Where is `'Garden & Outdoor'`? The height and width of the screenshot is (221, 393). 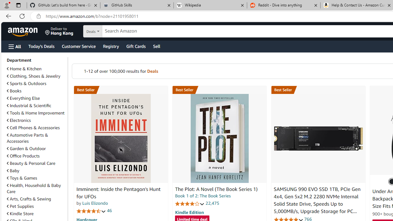
'Garden & Outdoor' is located at coordinates (36, 148).